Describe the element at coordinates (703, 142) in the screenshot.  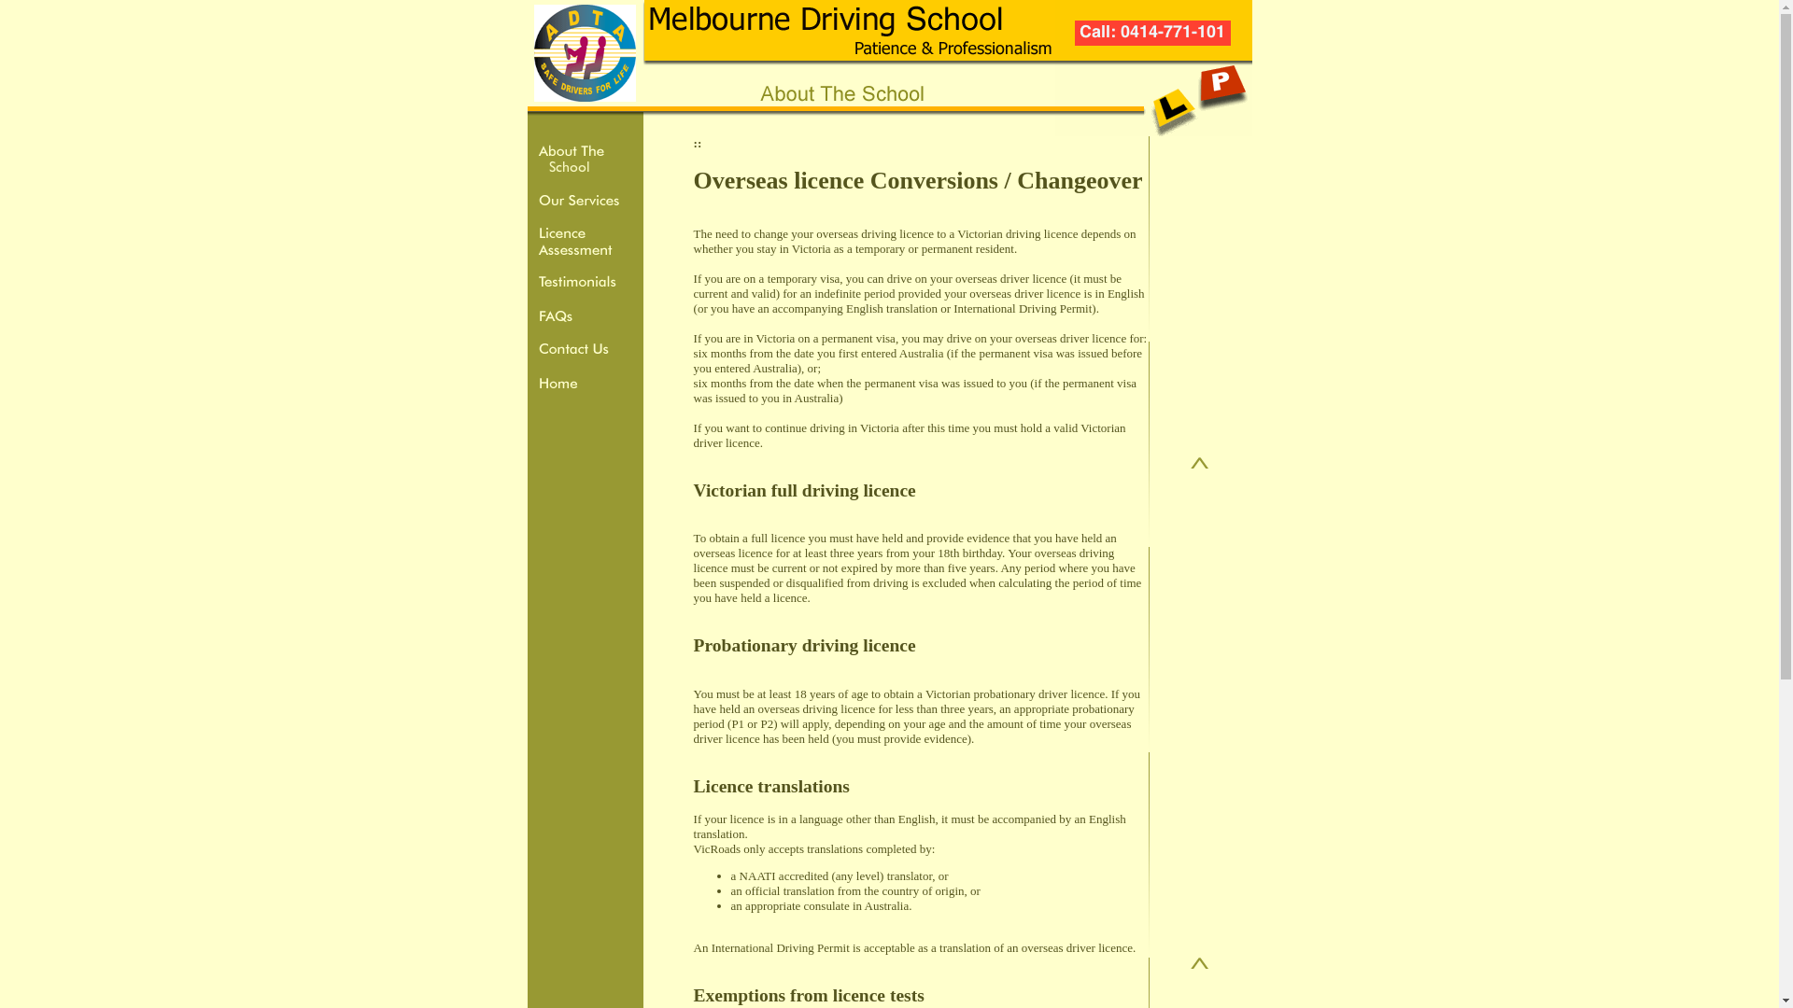
I see `'  '` at that location.